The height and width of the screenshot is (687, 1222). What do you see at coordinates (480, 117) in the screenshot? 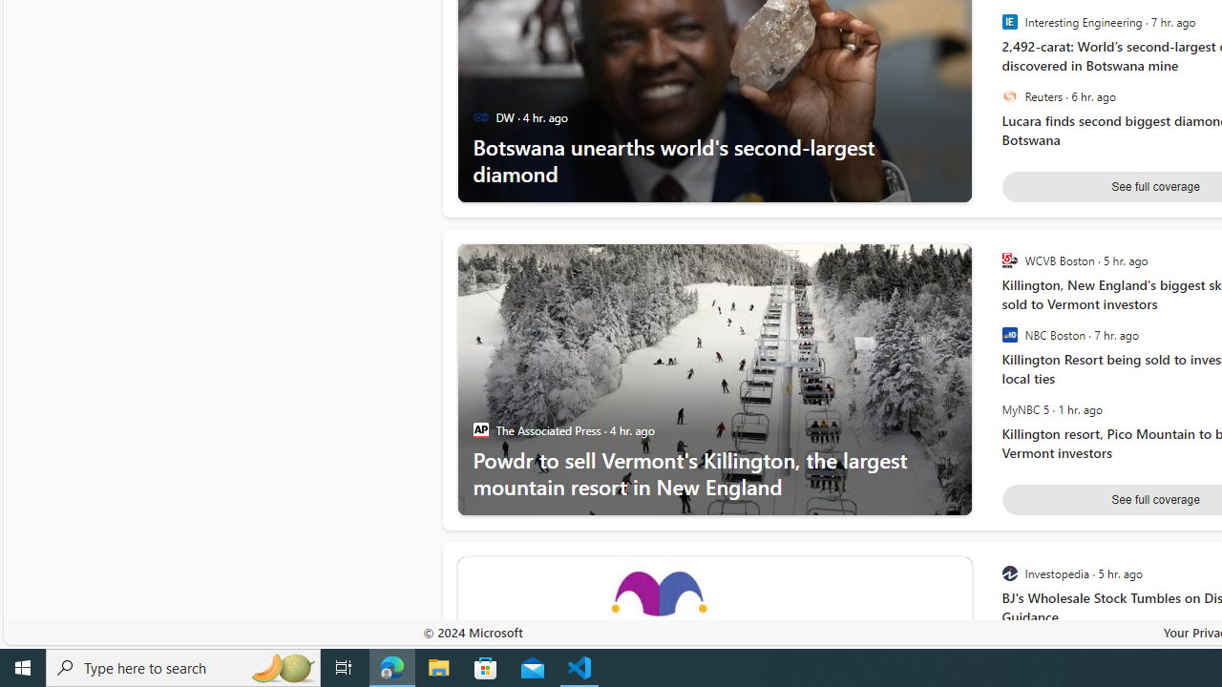
I see `'DW'` at bounding box center [480, 117].